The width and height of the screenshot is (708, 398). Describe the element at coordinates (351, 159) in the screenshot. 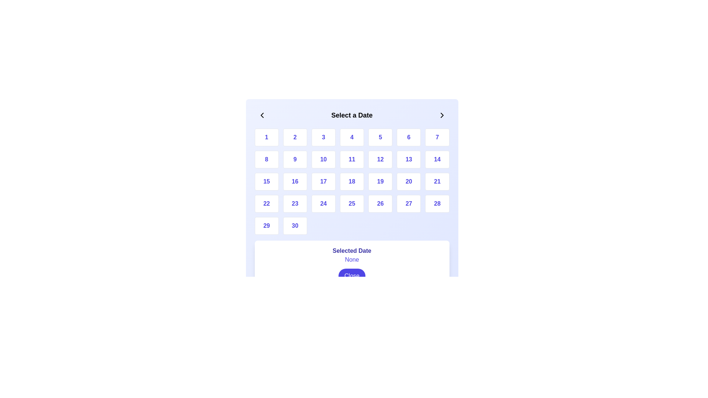

I see `the button labeled '11' with a white background and indigo text` at that location.